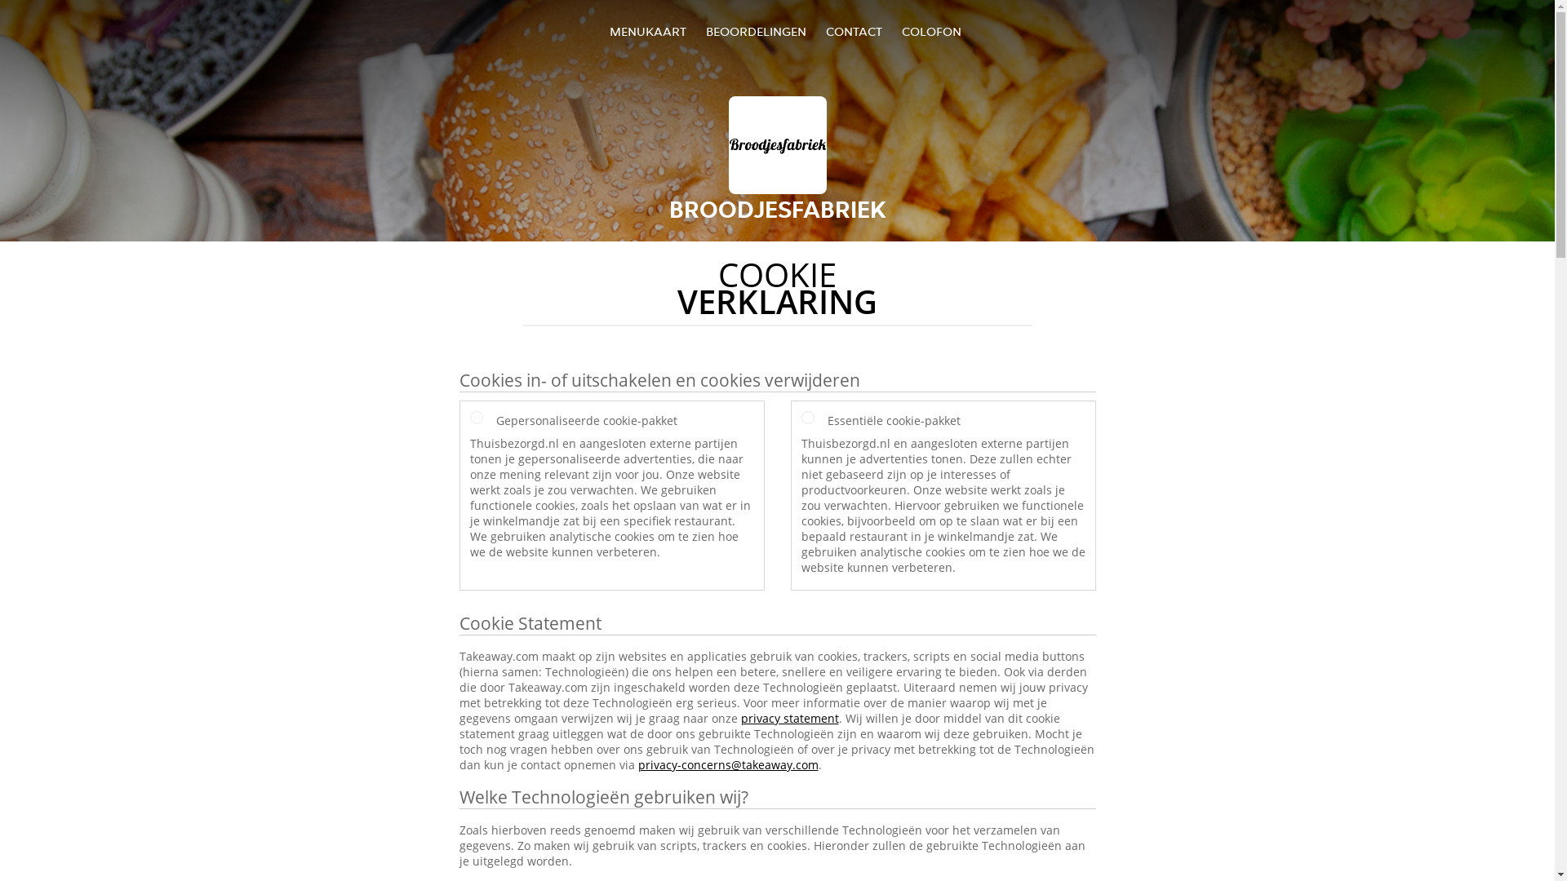  Describe the element at coordinates (755, 31) in the screenshot. I see `'BEOORDELINGEN'` at that location.